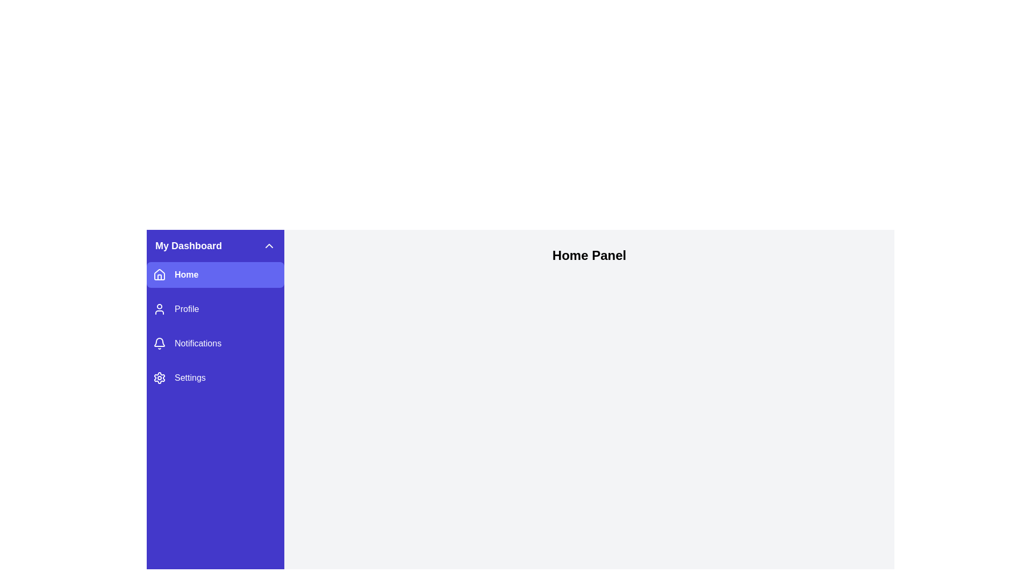 The height and width of the screenshot is (580, 1032). What do you see at coordinates (159, 344) in the screenshot?
I see `the bell-shaped icon with a thin outline located in the 'Notifications' menu item of the vertical navigation sidebar` at bounding box center [159, 344].